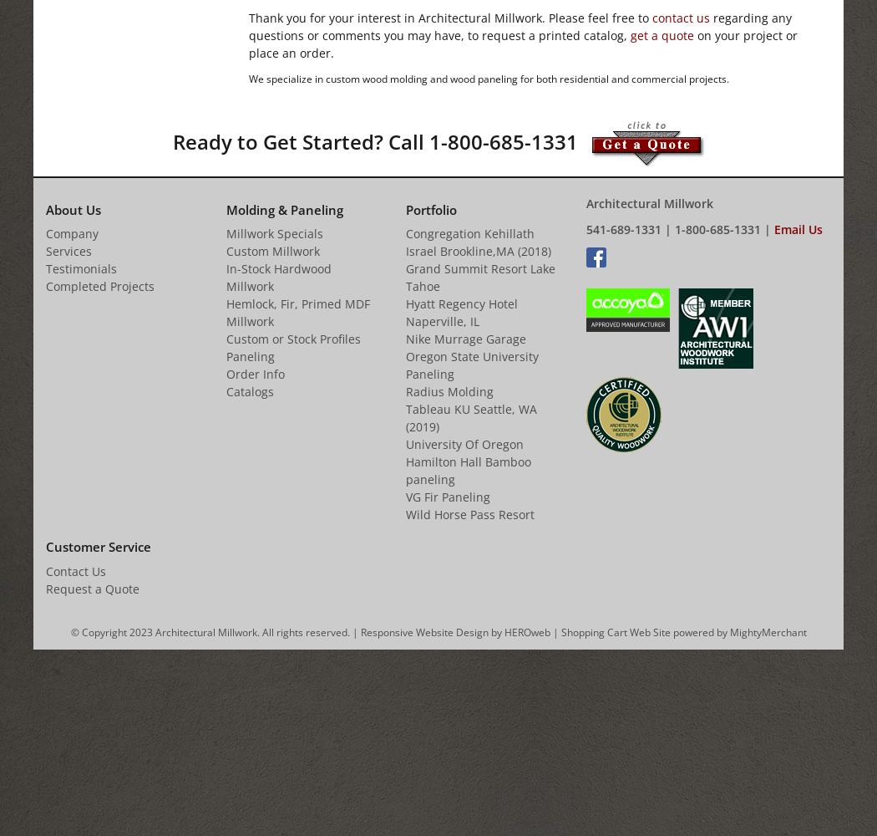  What do you see at coordinates (462, 303) in the screenshot?
I see `'Hyatt Regency Hotel'` at bounding box center [462, 303].